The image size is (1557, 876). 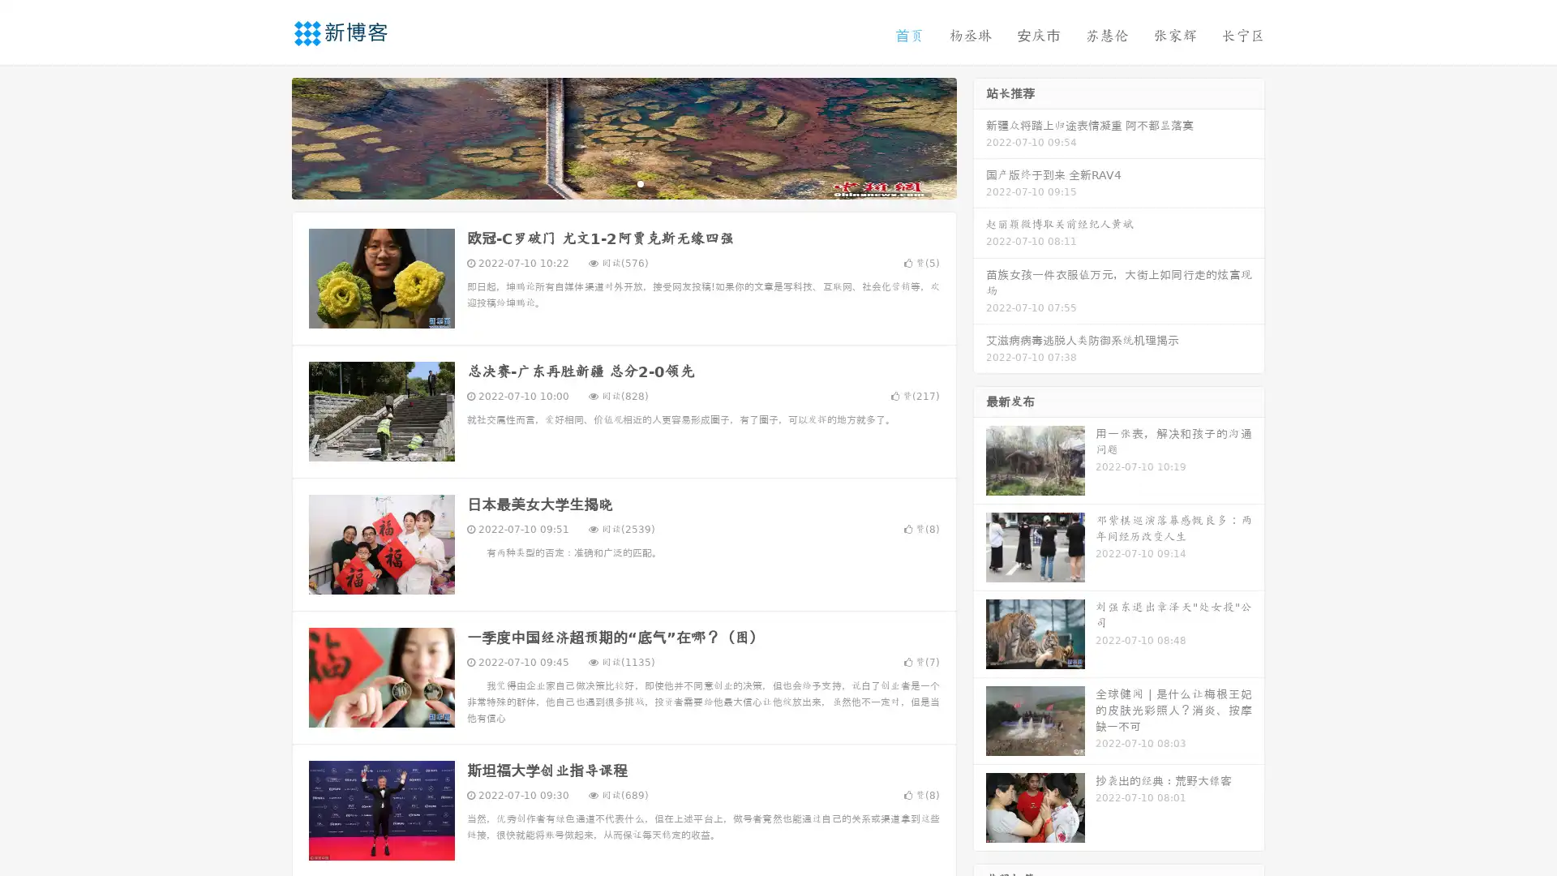 I want to click on Next slide, so click(x=980, y=136).